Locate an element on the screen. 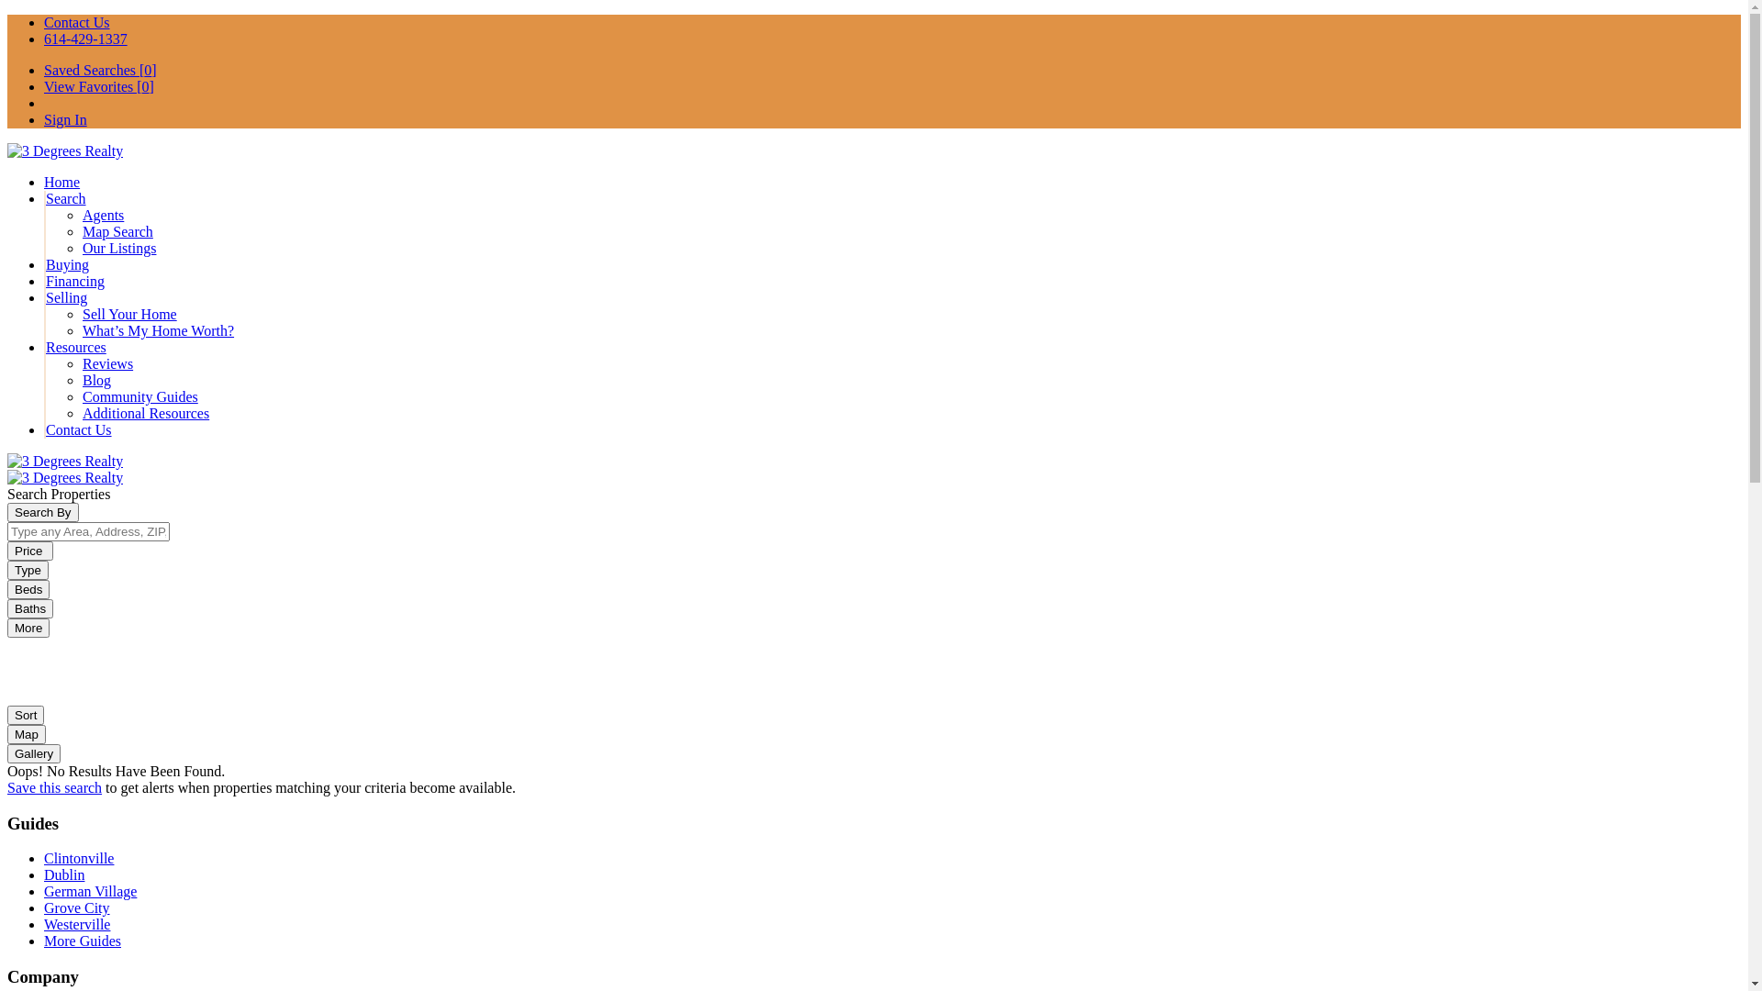  'Sort' is located at coordinates (26, 714).